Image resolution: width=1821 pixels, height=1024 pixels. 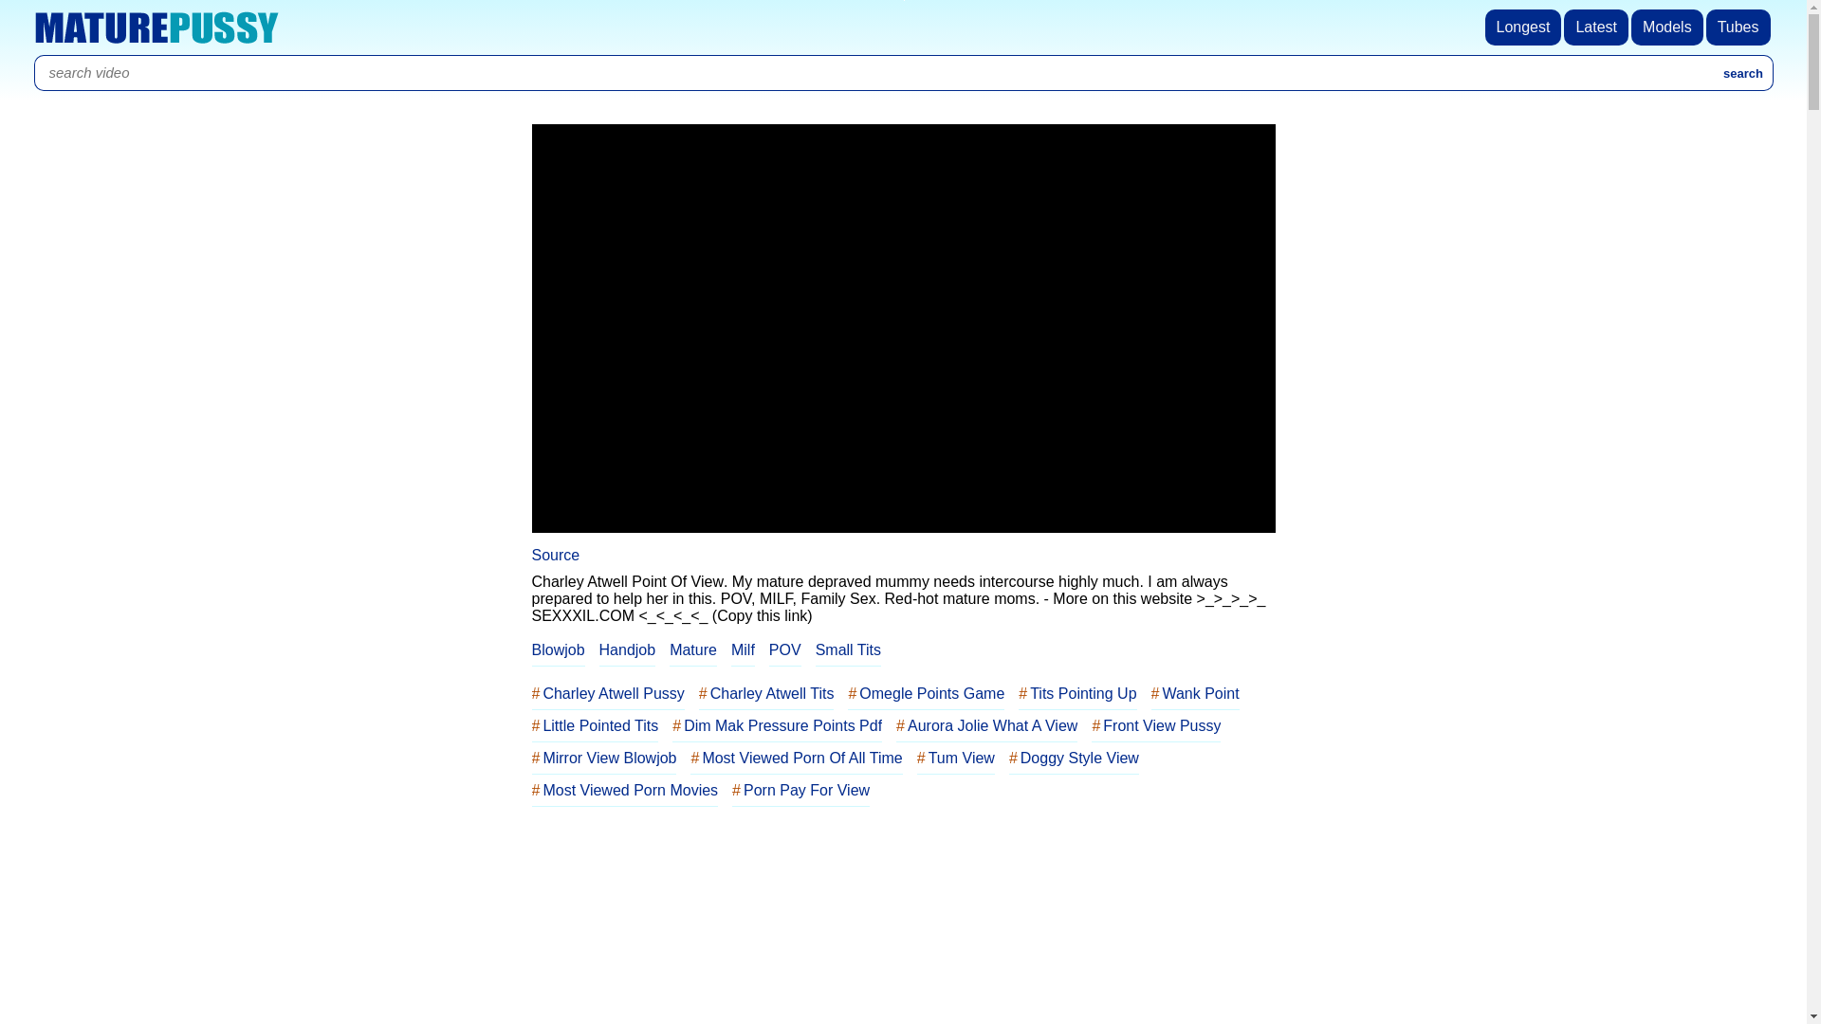 I want to click on 'Mature pussy movies', so click(x=156, y=27).